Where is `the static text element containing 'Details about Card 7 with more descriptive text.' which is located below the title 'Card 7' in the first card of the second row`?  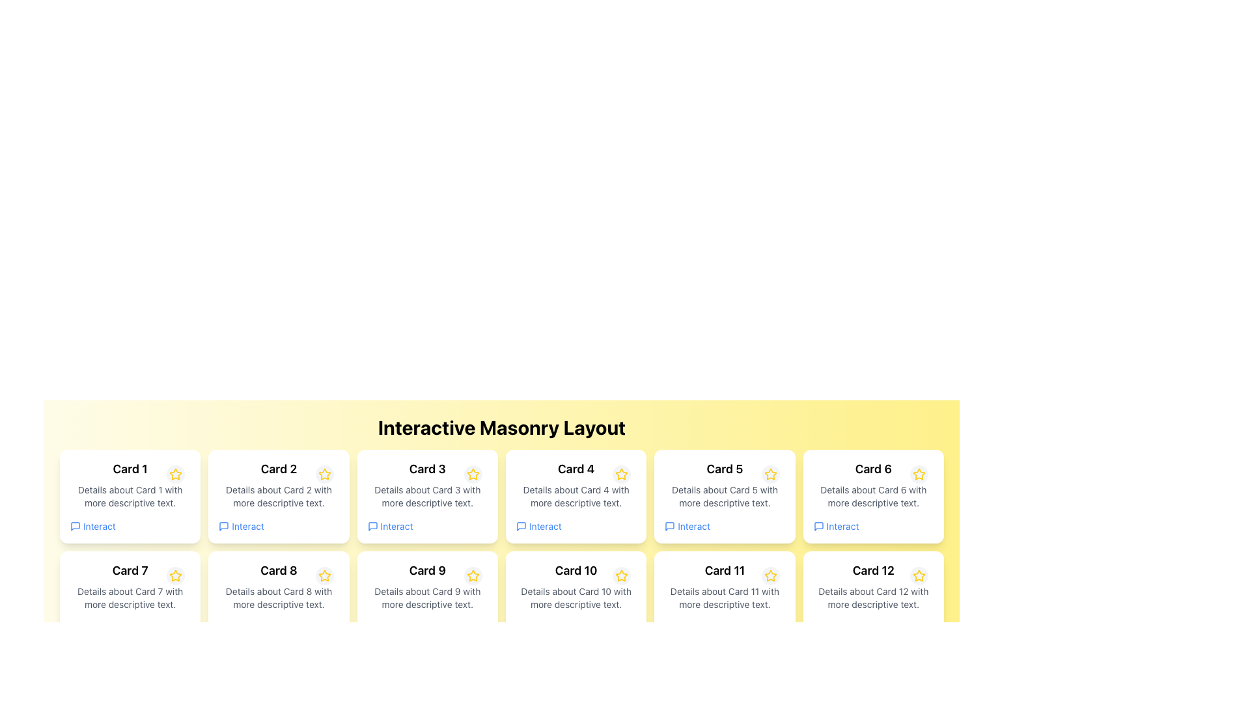 the static text element containing 'Details about Card 7 with more descriptive text.' which is located below the title 'Card 7' in the first card of the second row is located at coordinates (130, 598).